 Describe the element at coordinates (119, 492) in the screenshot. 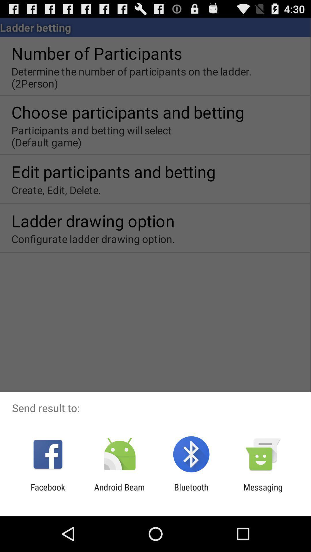

I see `the android beam app` at that location.